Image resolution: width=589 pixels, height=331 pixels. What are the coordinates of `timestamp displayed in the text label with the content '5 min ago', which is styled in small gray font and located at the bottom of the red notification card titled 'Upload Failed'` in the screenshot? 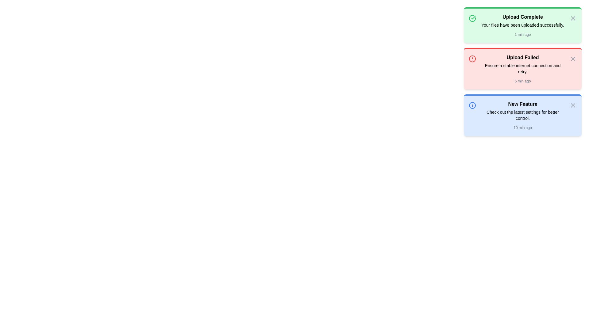 It's located at (522, 81).